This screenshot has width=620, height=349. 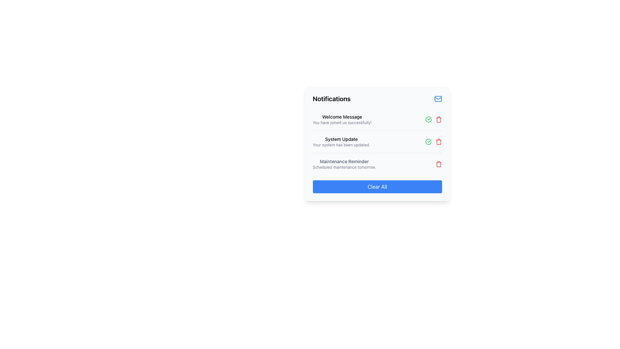 I want to click on the static text that provides information about a system update, located directly under the title 'System Update' in the notifications panel, so click(x=341, y=144).